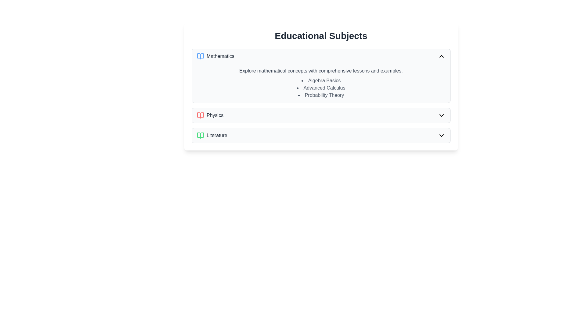  I want to click on the lower part of the red book icon representing the 'Physics' subject in the educational subjects list, so click(201, 115).